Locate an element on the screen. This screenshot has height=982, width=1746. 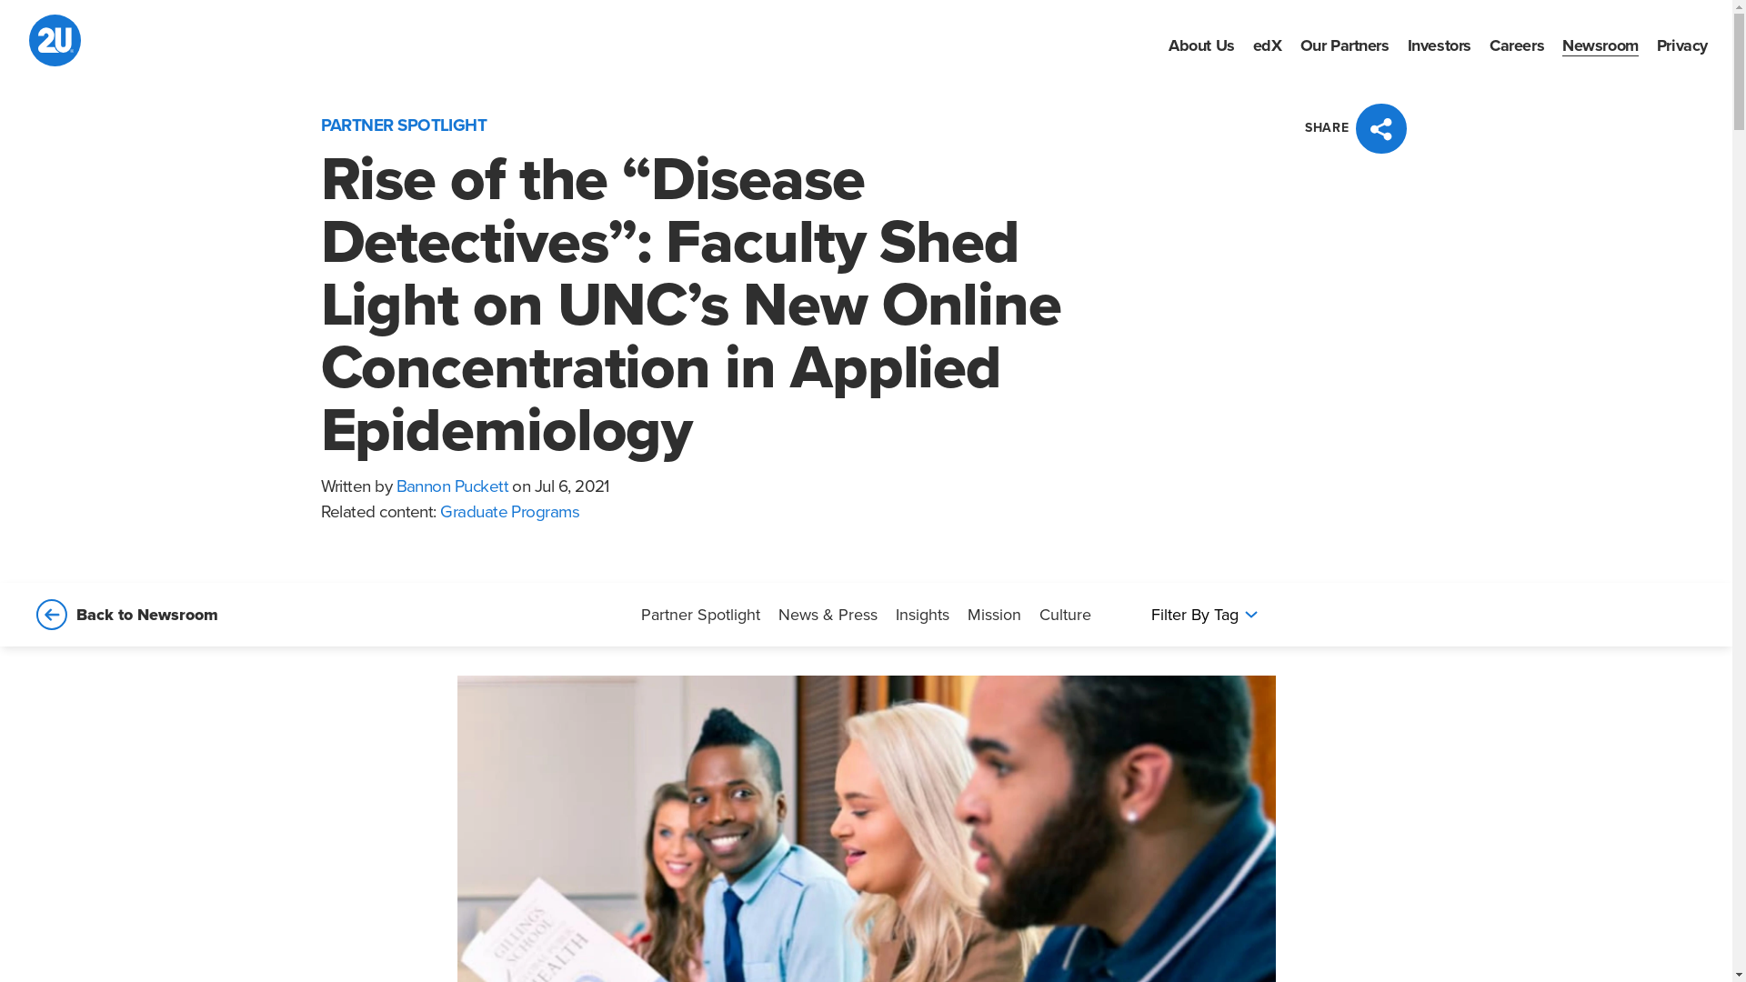
'Bannon Puckett' is located at coordinates (396, 486).